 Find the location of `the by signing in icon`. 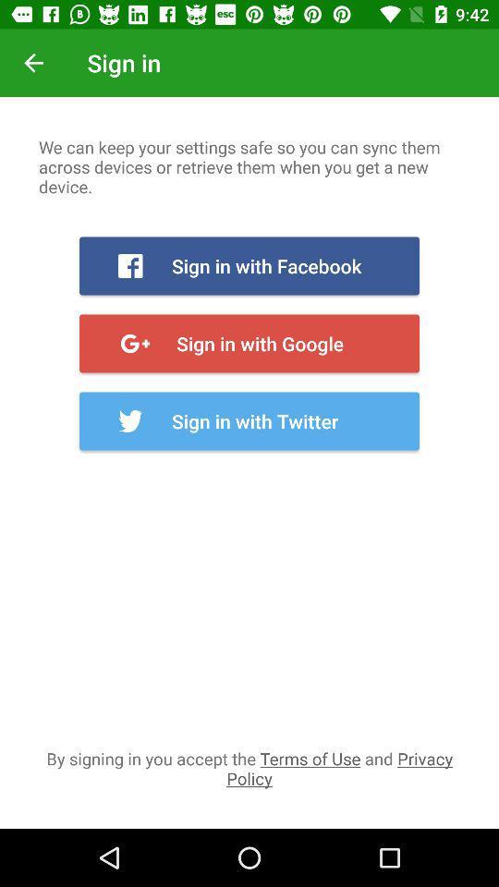

the by signing in icon is located at coordinates (249, 768).